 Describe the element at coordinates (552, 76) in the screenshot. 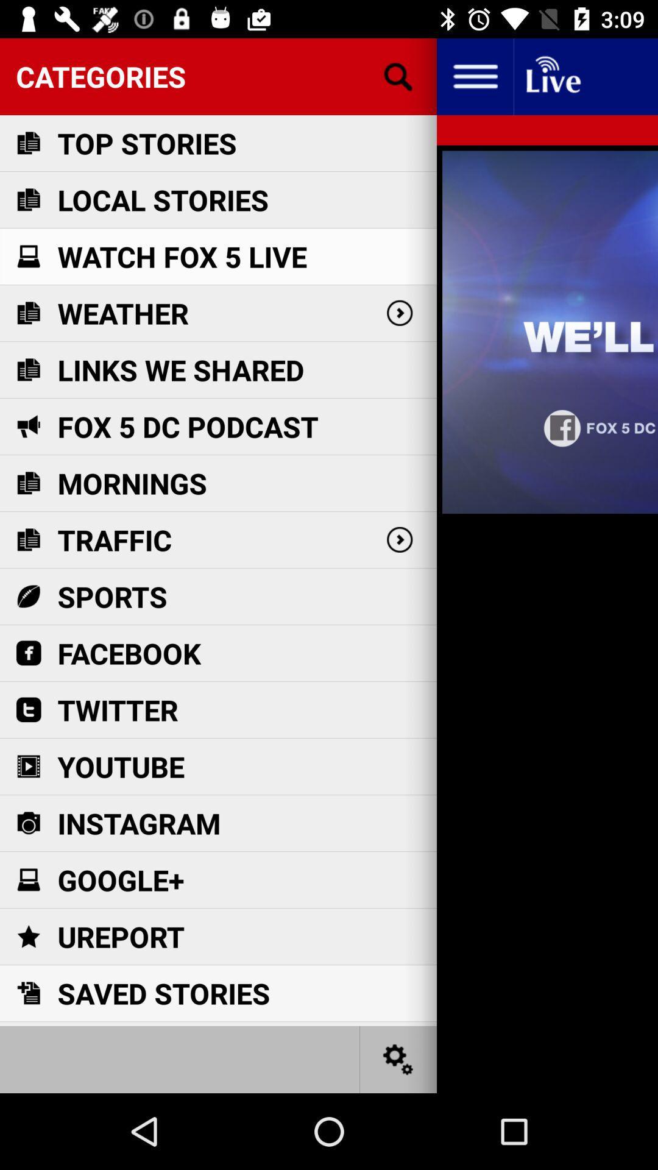

I see `wifi` at that location.